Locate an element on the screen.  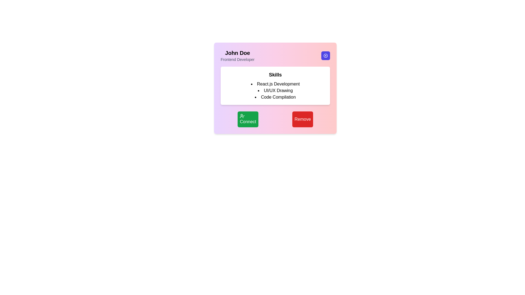
the close icon button located in the top right corner of the card is located at coordinates (325, 56).